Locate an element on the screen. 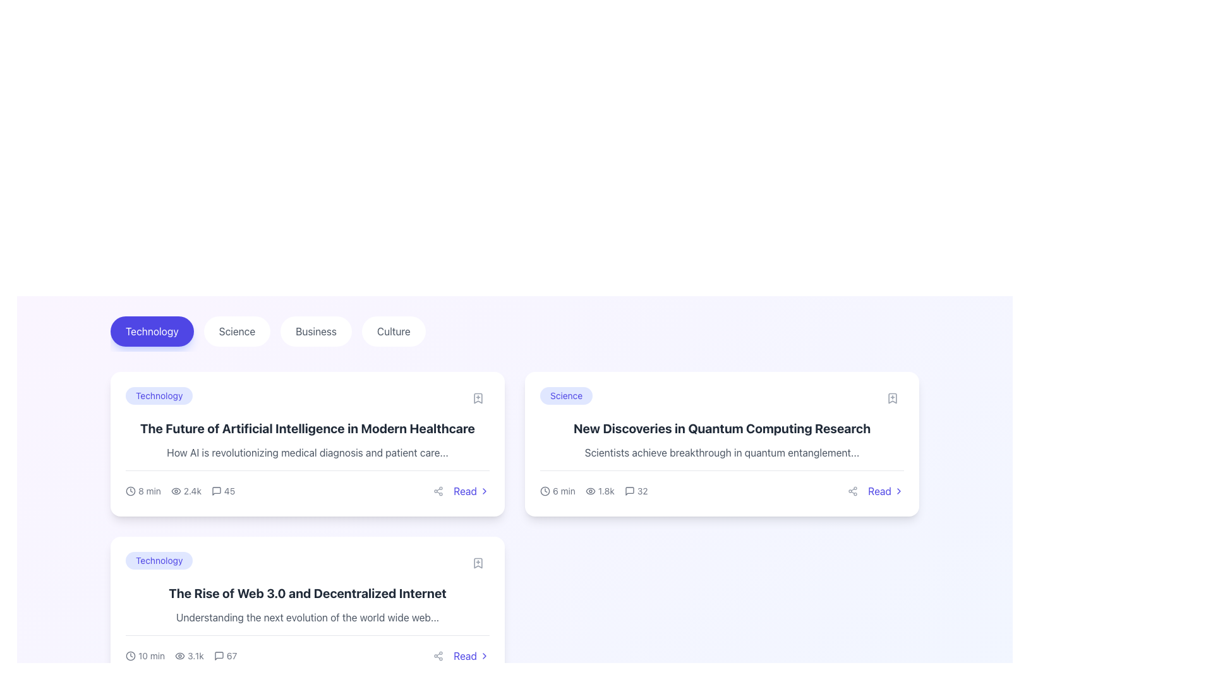 Image resolution: width=1213 pixels, height=682 pixels. the right-facing chevron icon, which is part of the 'Read' button located at the bottom-right corner of the second card in the interface is located at coordinates (484, 655).